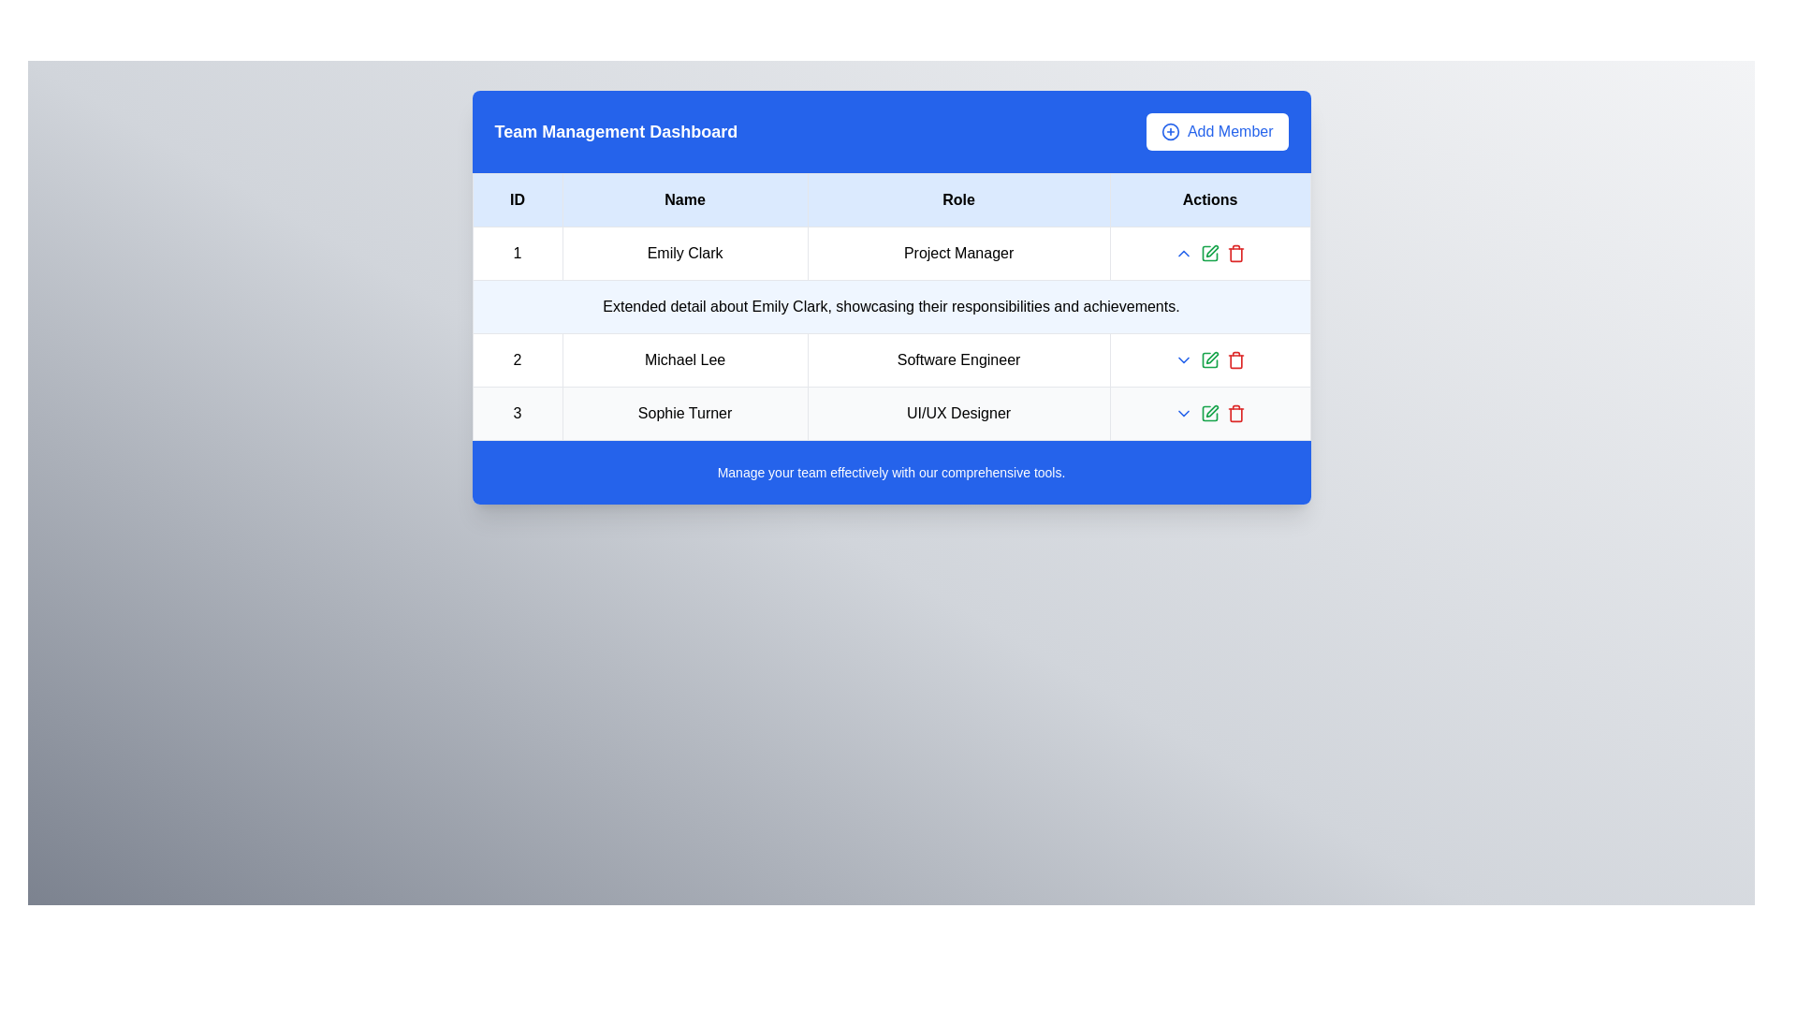  I want to click on the appearance of the edit action icon located in the third row of the table within the 'Actions' column, so click(1210, 413).